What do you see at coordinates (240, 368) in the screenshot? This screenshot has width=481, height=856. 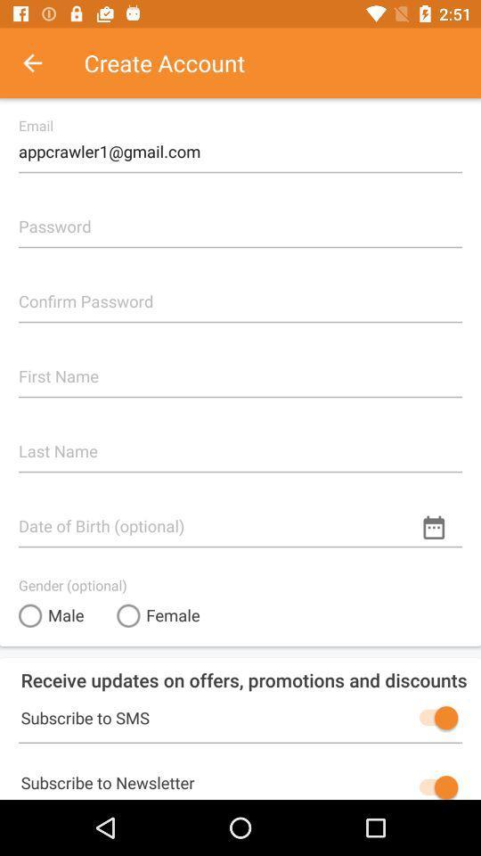 I see `it is used to login our data by using our first name for better protection` at bounding box center [240, 368].